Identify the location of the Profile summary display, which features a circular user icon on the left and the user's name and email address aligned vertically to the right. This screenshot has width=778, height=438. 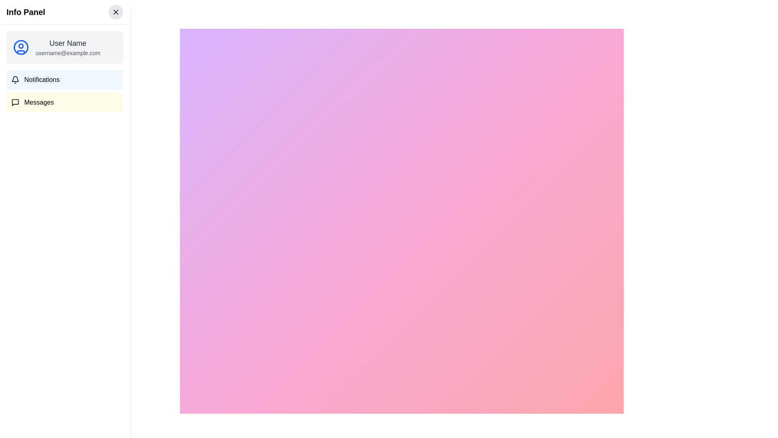
(64, 47).